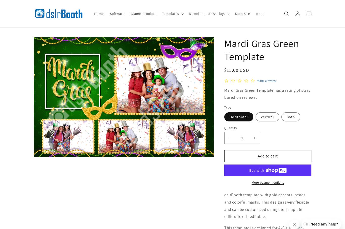 The height and width of the screenshot is (229, 345). What do you see at coordinates (143, 13) in the screenshot?
I see `'GlamBot Robot'` at bounding box center [143, 13].